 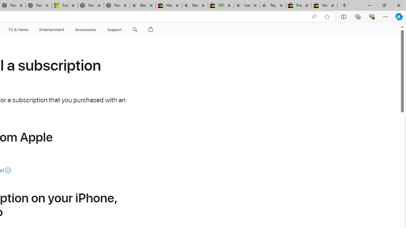 What do you see at coordinates (246, 5) in the screenshot?
I see `'User Privacy Notice | eBay'` at bounding box center [246, 5].